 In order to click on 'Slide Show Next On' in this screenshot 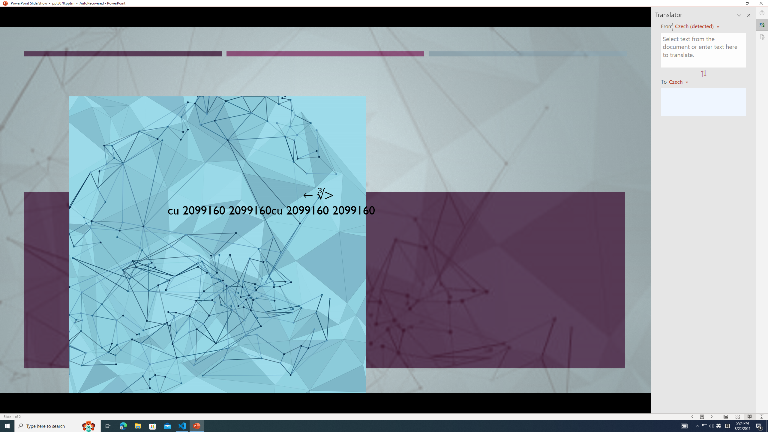, I will do `click(712, 417)`.